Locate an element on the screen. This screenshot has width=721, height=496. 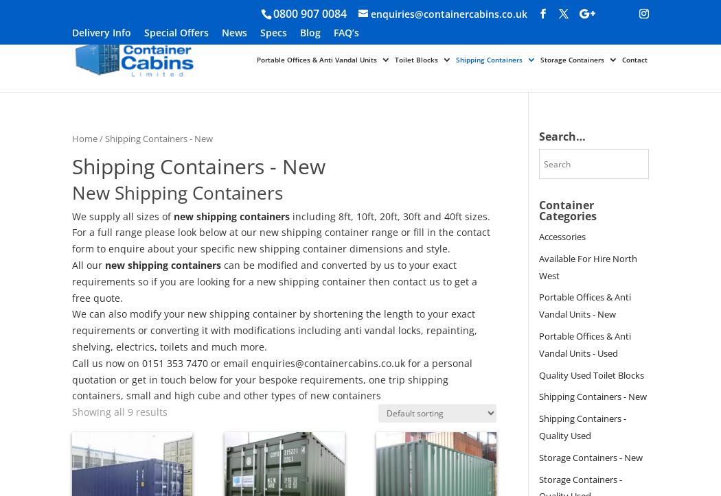
'FAQ’s' is located at coordinates (345, 32).